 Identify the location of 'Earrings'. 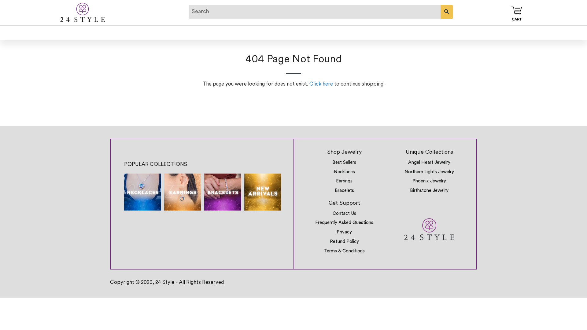
(344, 181).